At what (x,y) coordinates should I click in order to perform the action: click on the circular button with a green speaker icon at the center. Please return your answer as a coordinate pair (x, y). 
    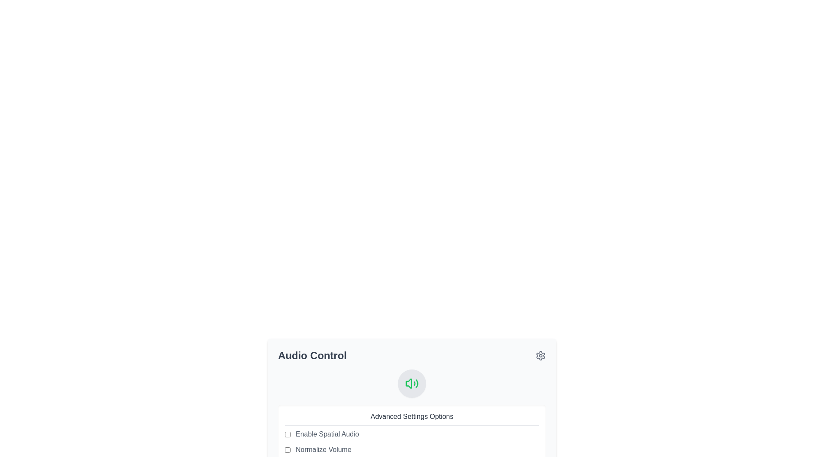
    Looking at the image, I should click on (412, 383).